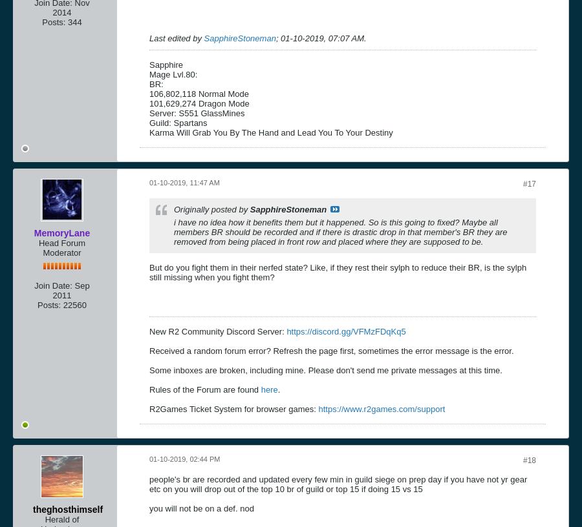 The height and width of the screenshot is (527, 582). Describe the element at coordinates (67, 509) in the screenshot. I see `'theghosthimself'` at that location.